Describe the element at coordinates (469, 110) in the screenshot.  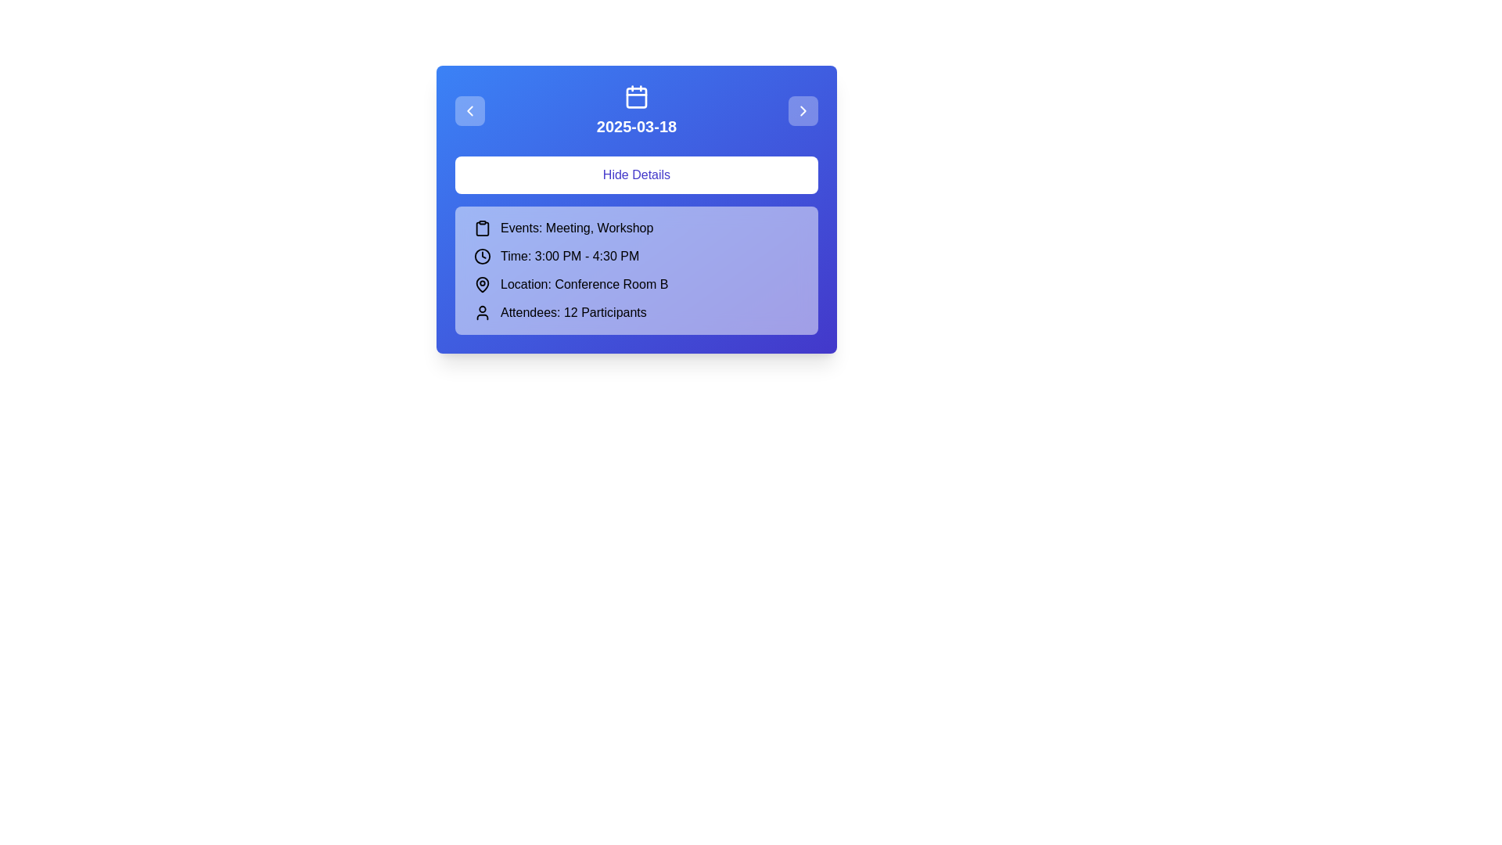
I see `the navigation button located at the top left corner of the date display, which shows '2025-03-18'` at that location.